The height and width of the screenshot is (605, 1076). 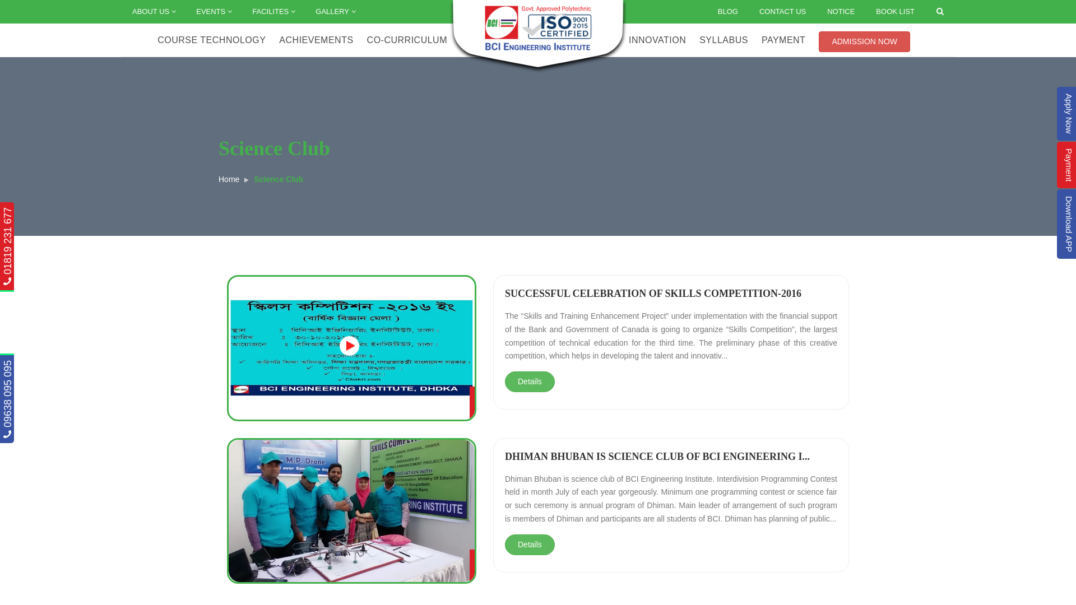 I want to click on 'BLOG', so click(x=707, y=11).